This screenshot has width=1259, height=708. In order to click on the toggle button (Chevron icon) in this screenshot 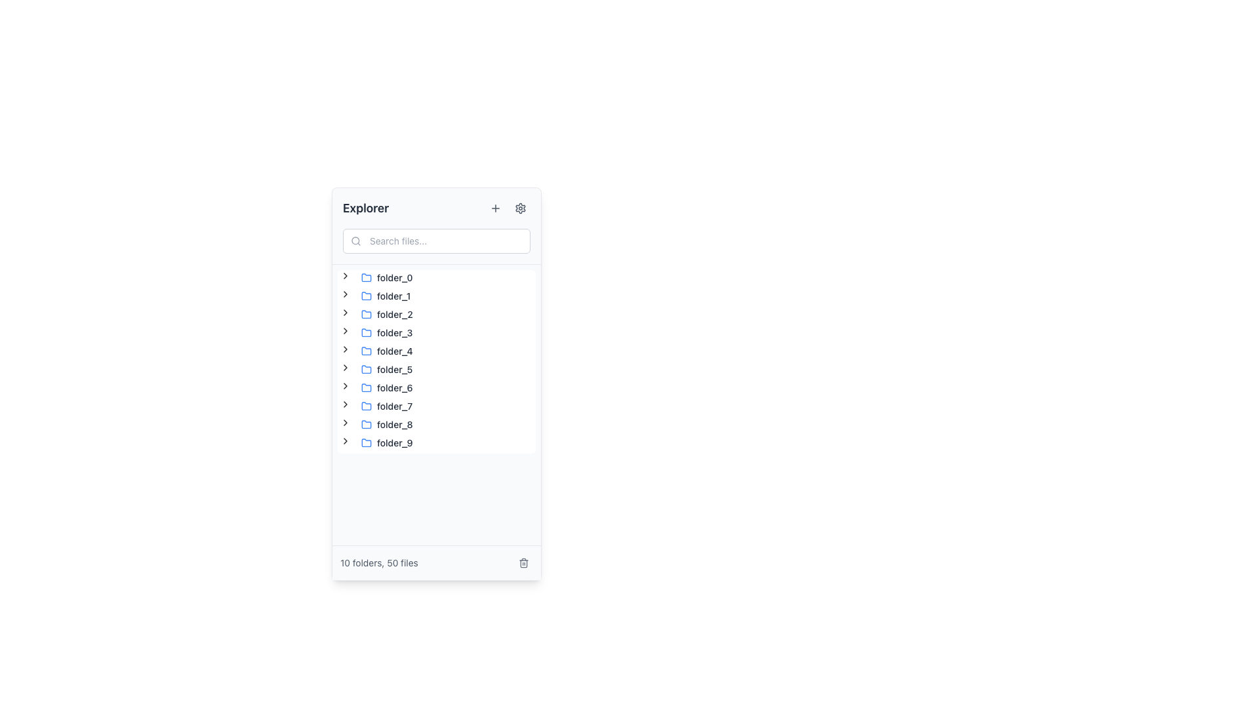, I will do `click(346, 367)`.